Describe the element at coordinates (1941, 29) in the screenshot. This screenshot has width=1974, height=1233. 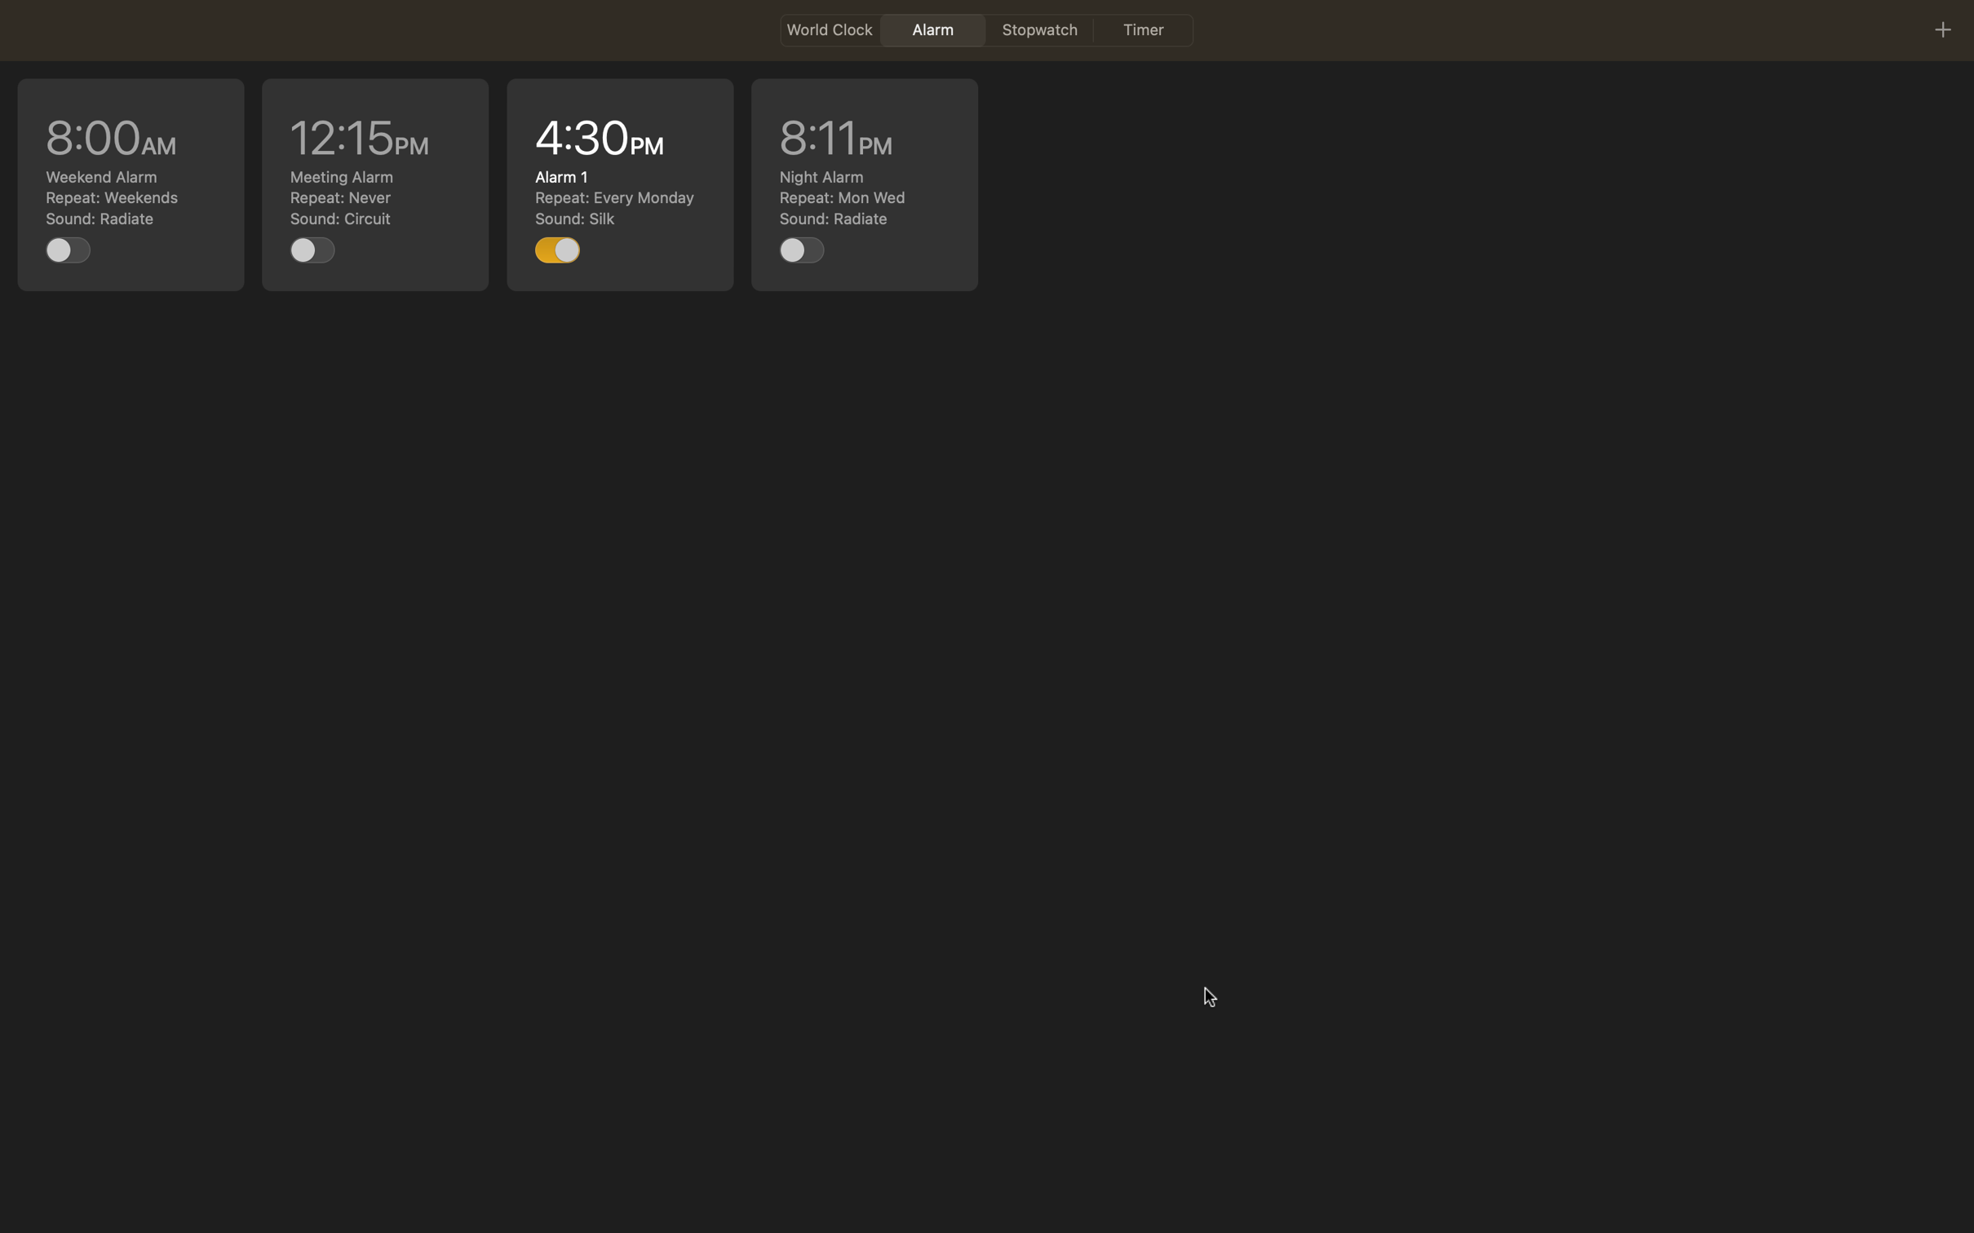
I see `To insert a new event, press the plus symbol` at that location.